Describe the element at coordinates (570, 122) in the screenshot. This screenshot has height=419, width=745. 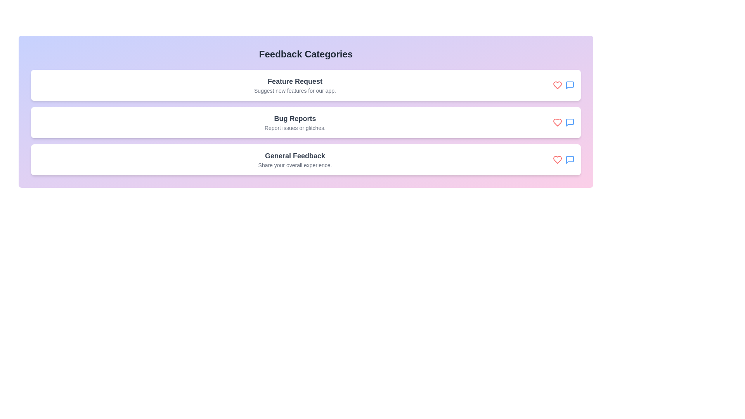
I see `the message icon in the Bug Reports feedback item` at that location.